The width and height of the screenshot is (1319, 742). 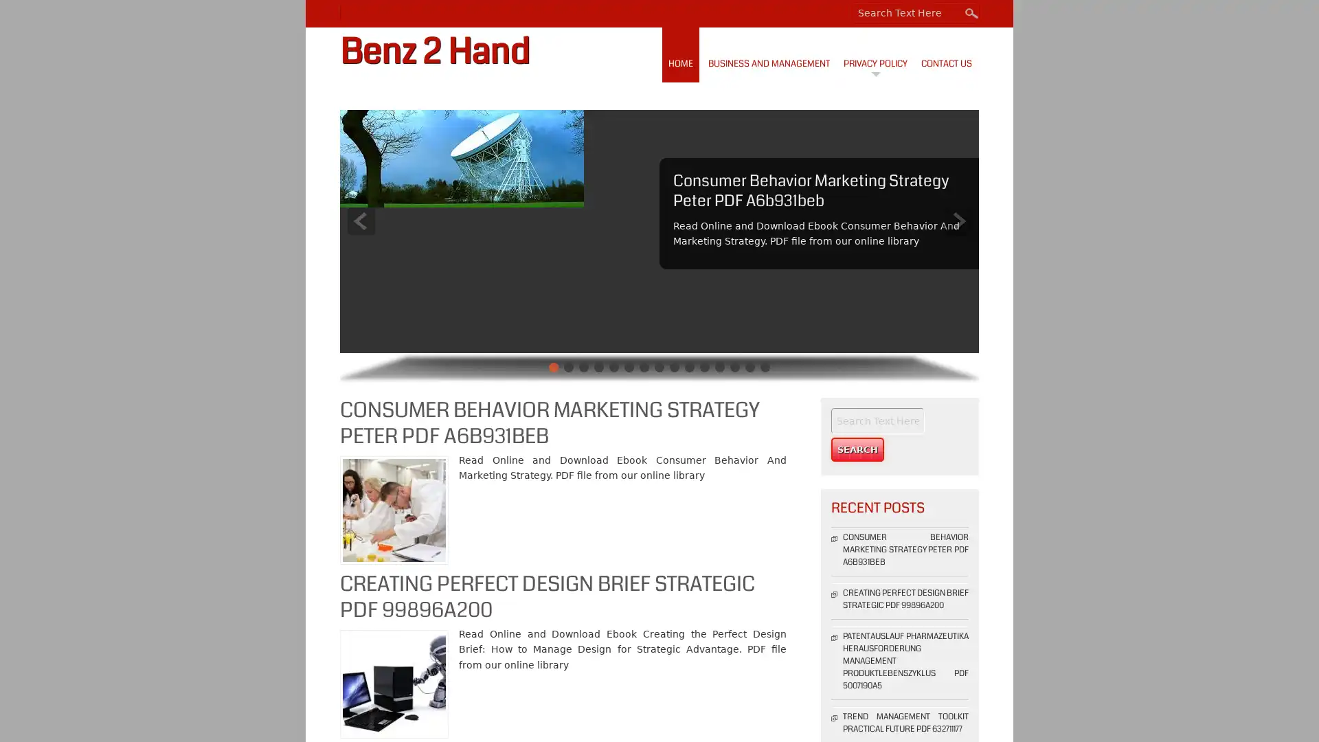 What do you see at coordinates (857, 449) in the screenshot?
I see `Search` at bounding box center [857, 449].